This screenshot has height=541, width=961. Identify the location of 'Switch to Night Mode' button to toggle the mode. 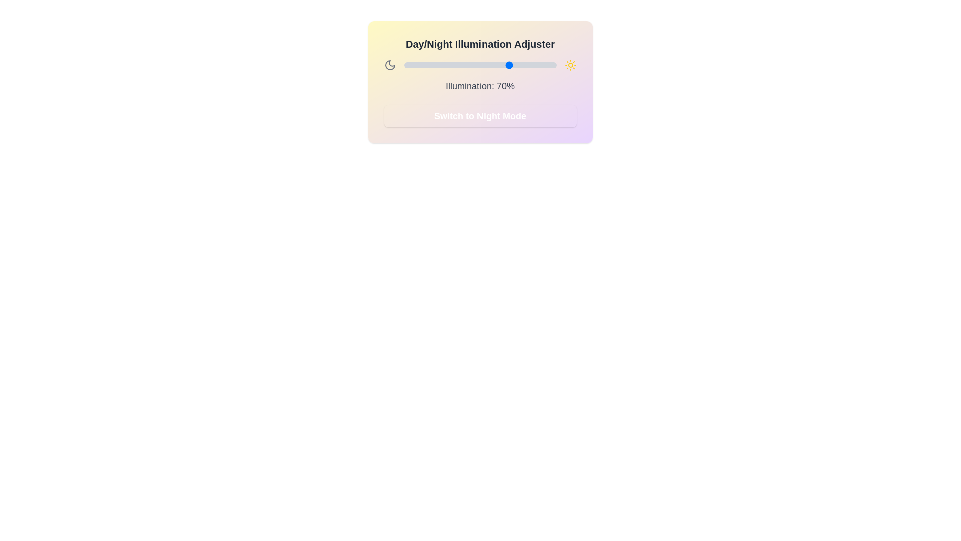
(479, 115).